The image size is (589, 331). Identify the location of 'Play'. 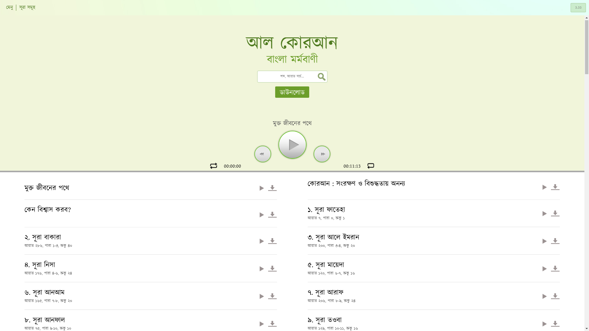
(545, 268).